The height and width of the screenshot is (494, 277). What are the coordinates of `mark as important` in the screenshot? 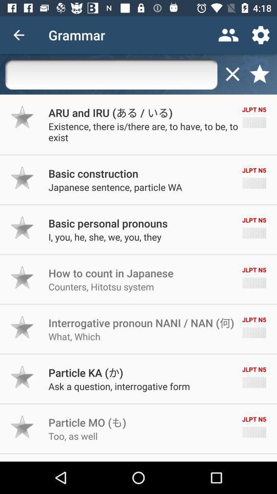 It's located at (23, 227).